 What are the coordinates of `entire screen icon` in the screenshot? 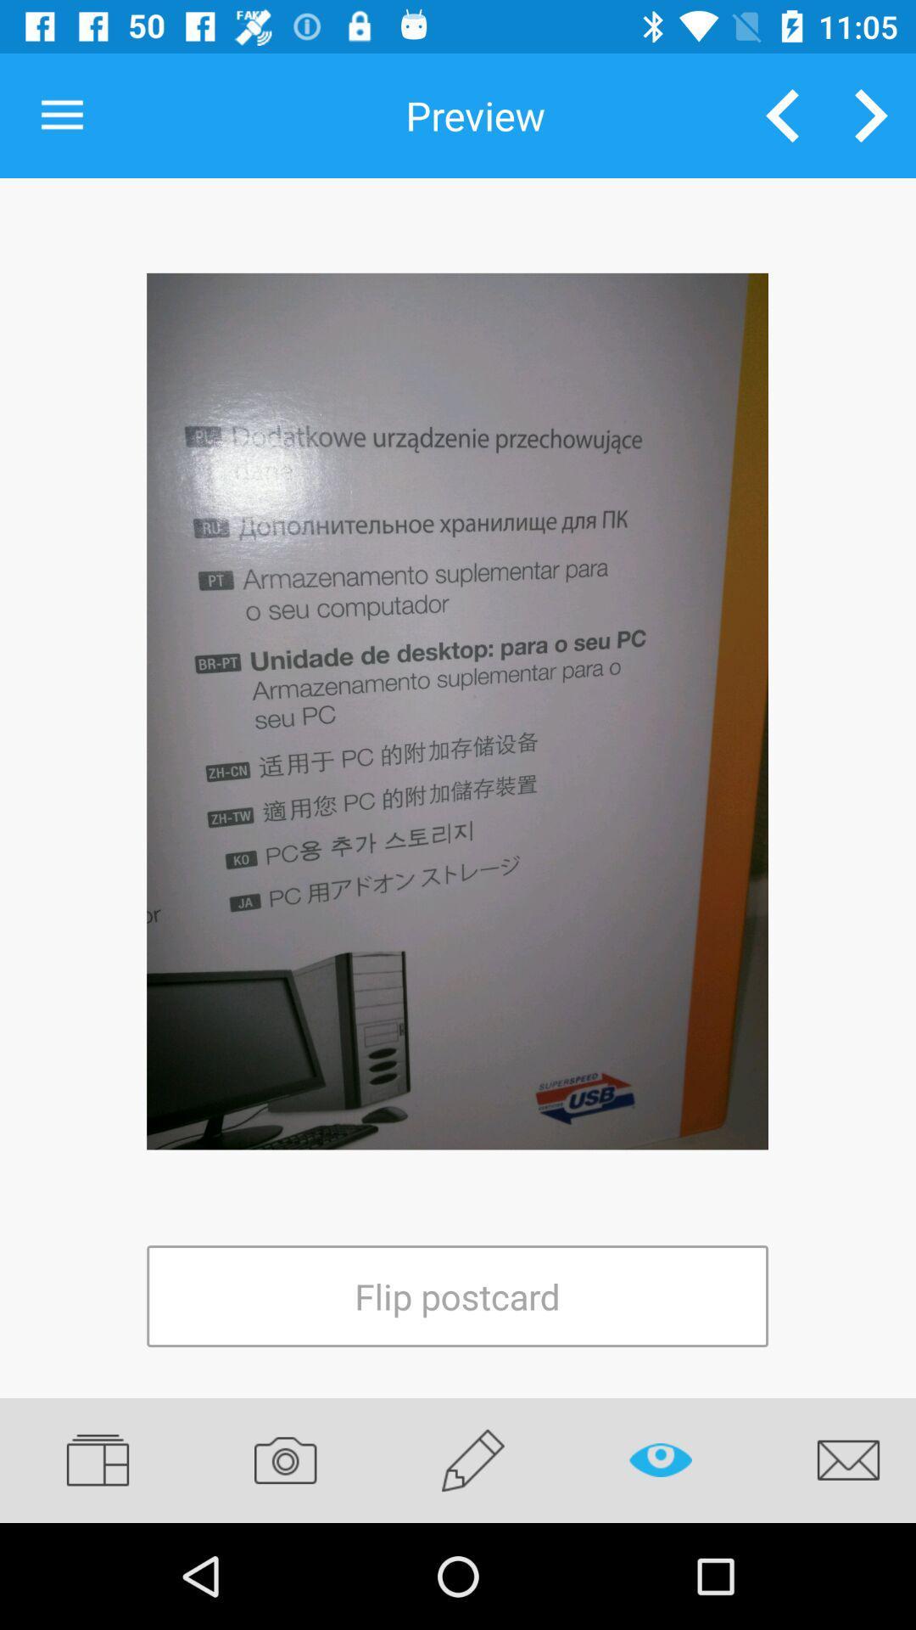 It's located at (456, 711).